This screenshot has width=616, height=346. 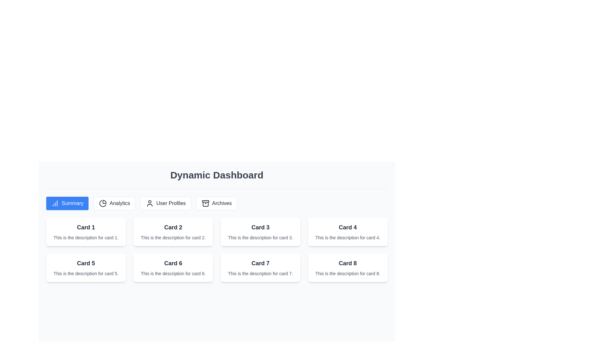 I want to click on the title label of the fourth card in the grid layout, so click(x=347, y=227).